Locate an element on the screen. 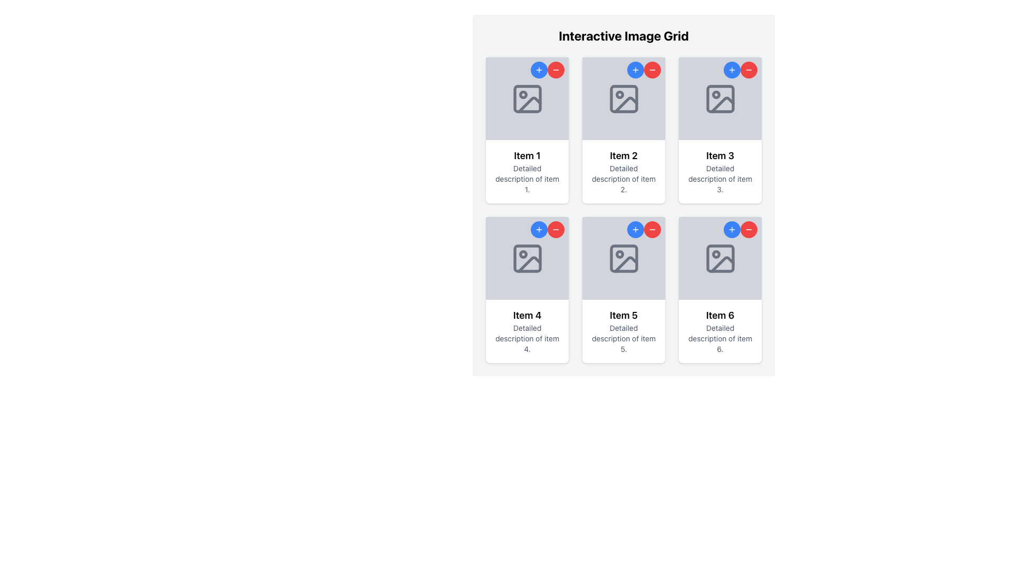 This screenshot has width=1012, height=569. the increment button located in the top-right corner of the second item card is located at coordinates (635, 70).